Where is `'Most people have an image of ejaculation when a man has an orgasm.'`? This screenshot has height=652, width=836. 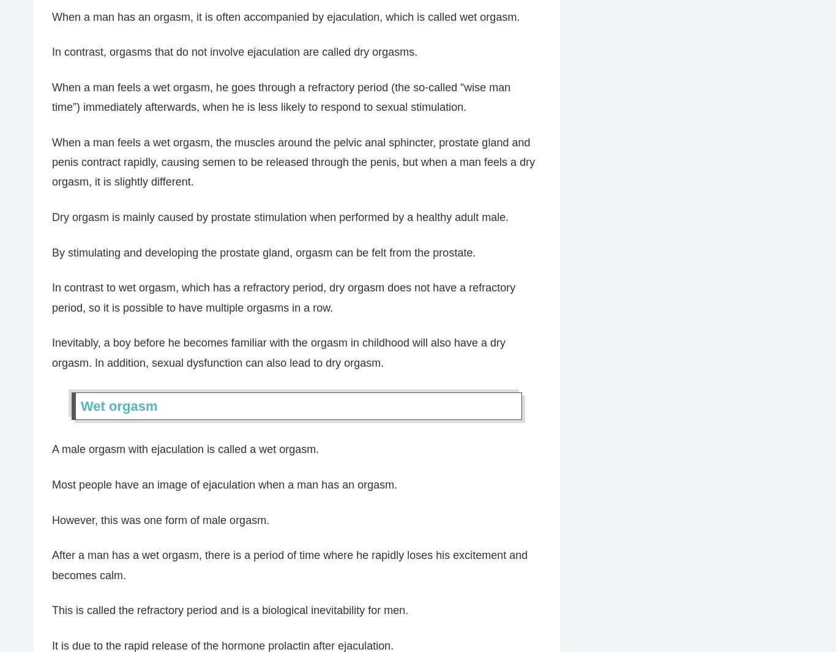 'Most people have an image of ejaculation when a man has an orgasm.' is located at coordinates (224, 485).